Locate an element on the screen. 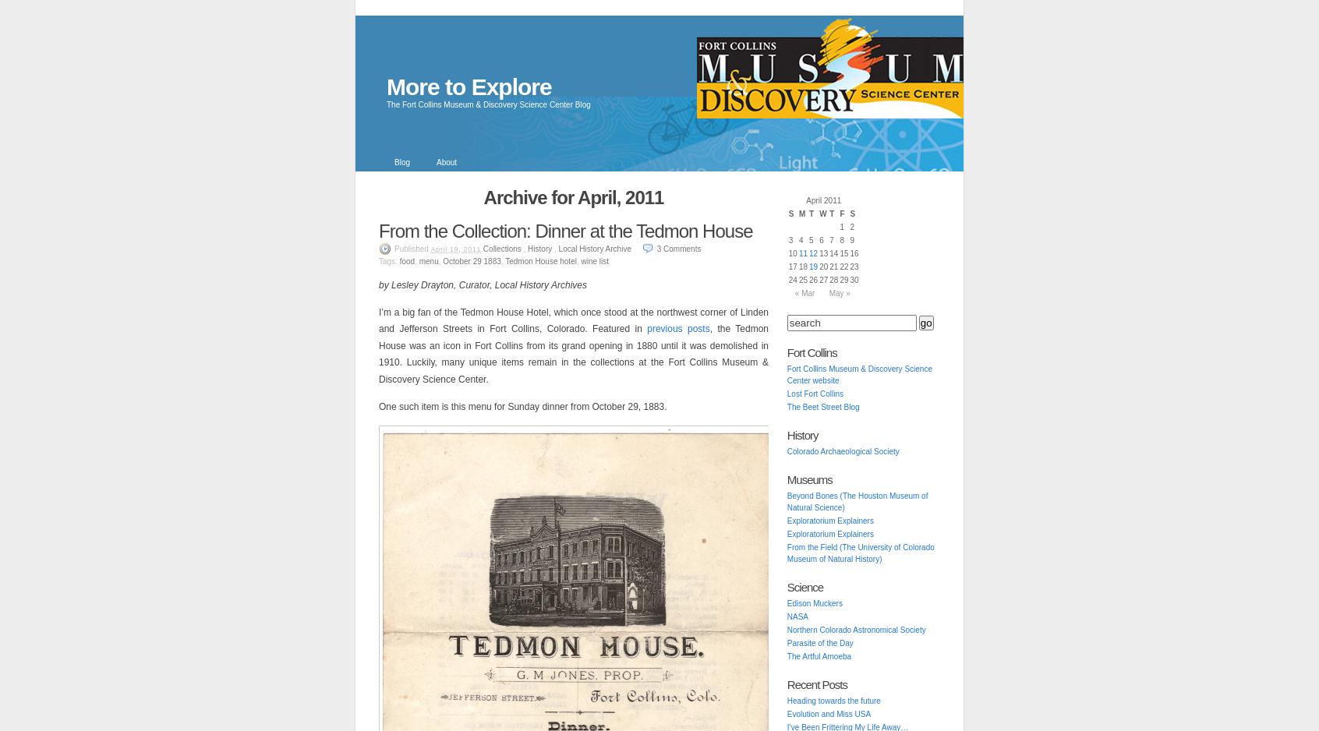 This screenshot has width=1319, height=731. 'The Beet Street Blog' is located at coordinates (822, 406).